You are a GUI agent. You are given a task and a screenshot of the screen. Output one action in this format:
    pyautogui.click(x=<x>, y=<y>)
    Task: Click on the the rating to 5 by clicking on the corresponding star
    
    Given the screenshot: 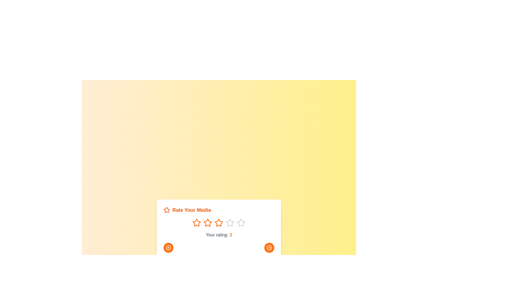 What is the action you would take?
    pyautogui.click(x=241, y=223)
    